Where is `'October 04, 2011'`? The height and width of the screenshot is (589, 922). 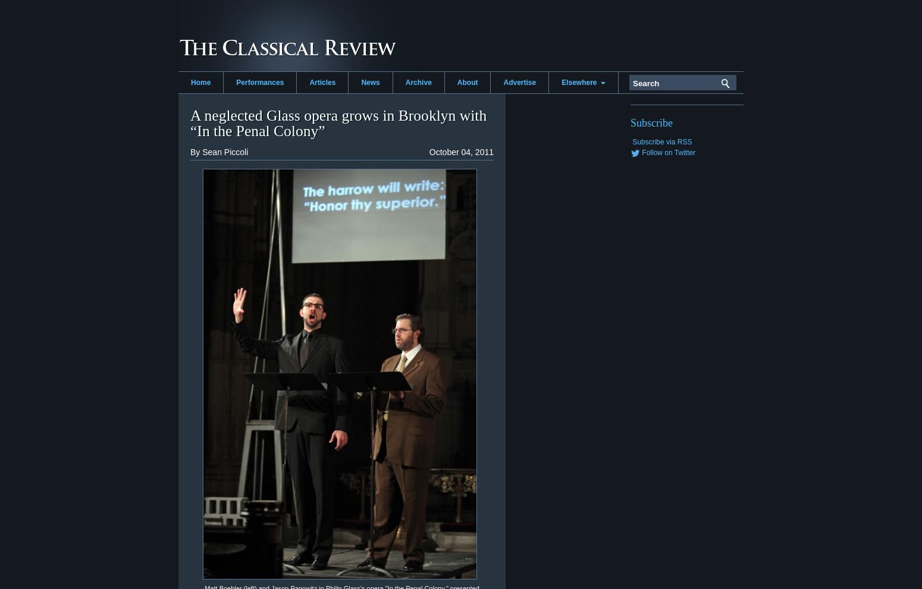
'October 04, 2011' is located at coordinates (461, 151).